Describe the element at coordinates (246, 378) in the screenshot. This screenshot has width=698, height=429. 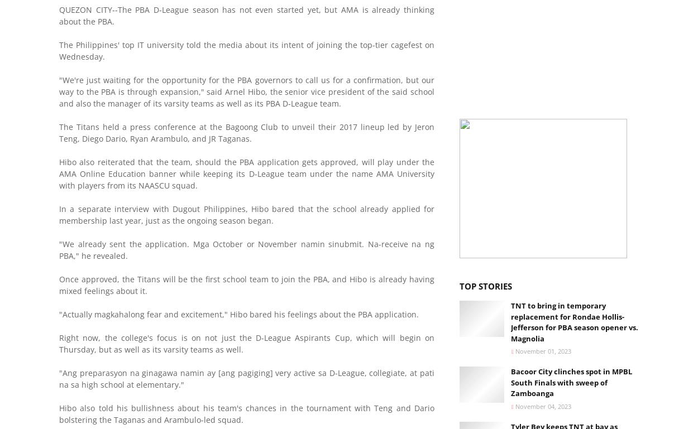
I see `'very active sa D-League, collegiate, at pati na sa high school at elementary."'` at that location.